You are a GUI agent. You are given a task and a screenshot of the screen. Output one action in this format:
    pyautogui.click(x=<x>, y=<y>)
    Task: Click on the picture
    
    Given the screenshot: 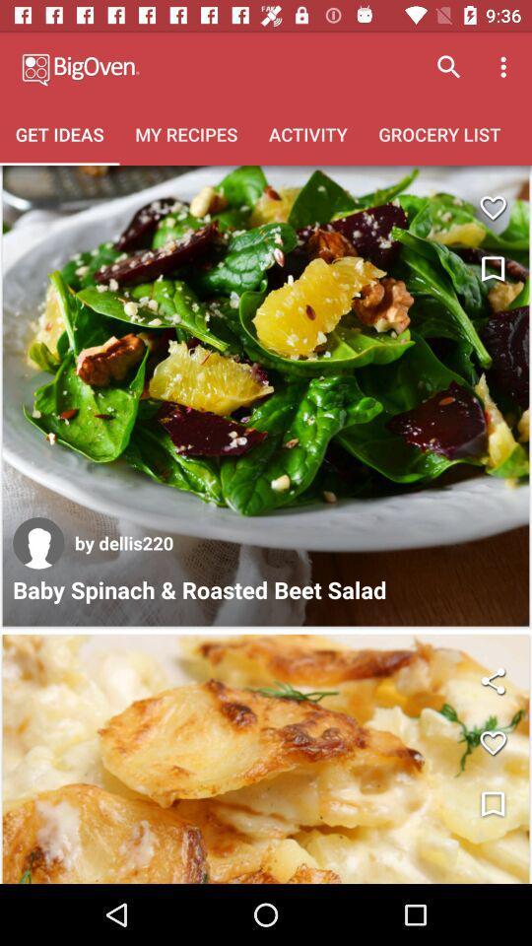 What is the action you would take?
    pyautogui.click(x=266, y=758)
    